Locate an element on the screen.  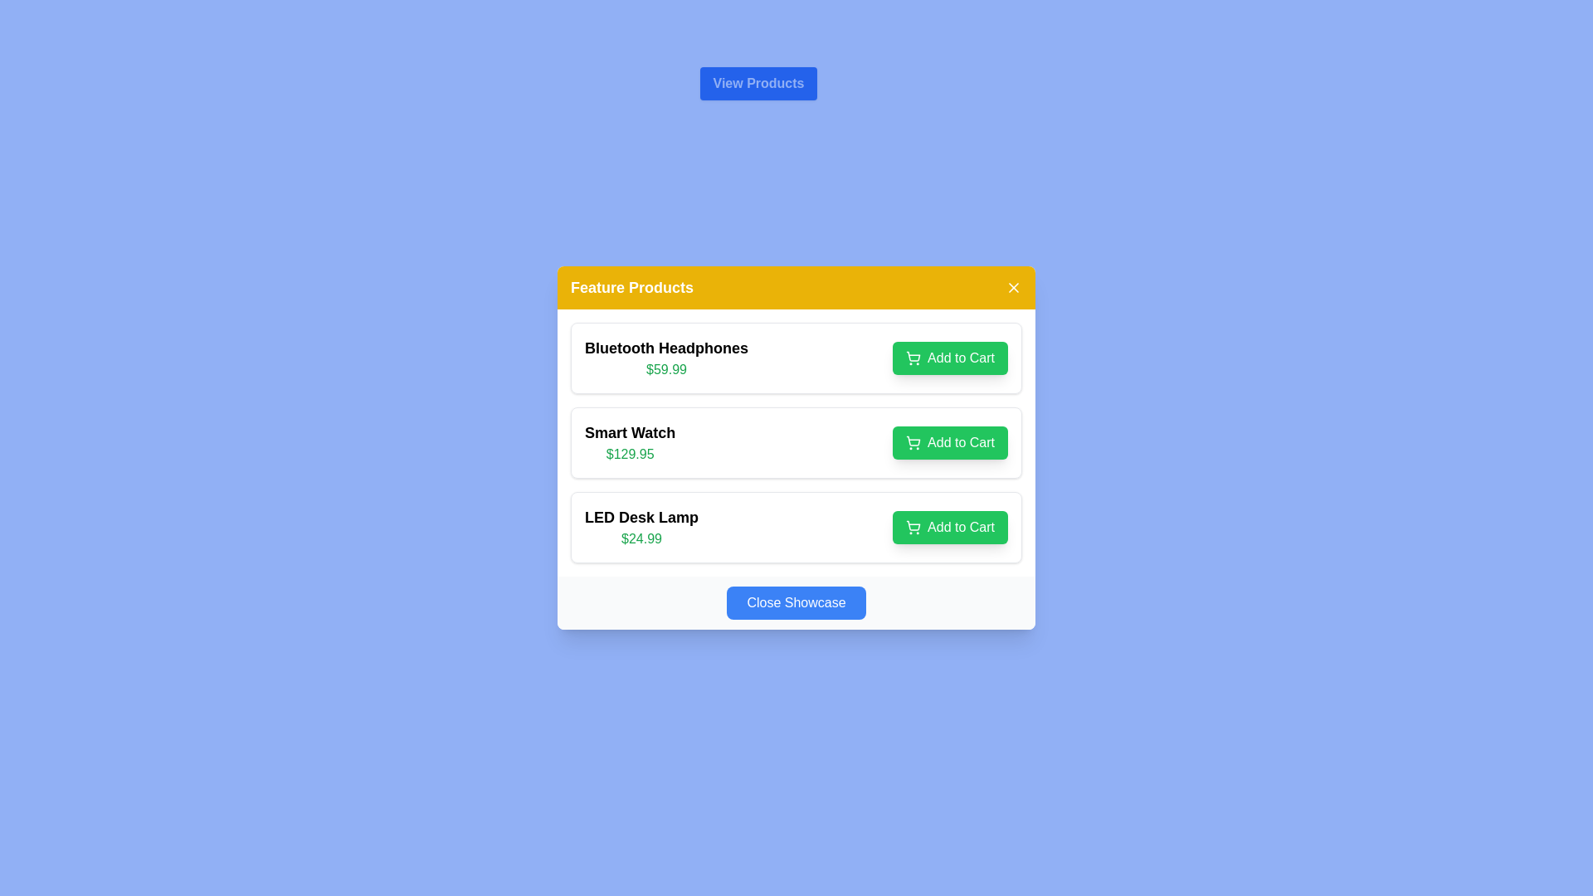
the Text display component that shows 'Smart Watch' and '$129.95', located in the second item of the list between 'Bluetooth Headphones' and 'LED Desk Lamp', adjacent to the 'Add to Cart' button is located at coordinates (629, 441).